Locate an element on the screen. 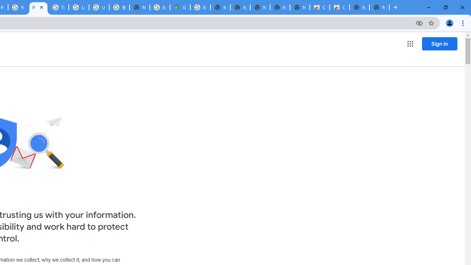 Image resolution: width=471 pixels, height=265 pixels. 'Explore new street-level details - Google Maps Help' is located at coordinates (159, 7).